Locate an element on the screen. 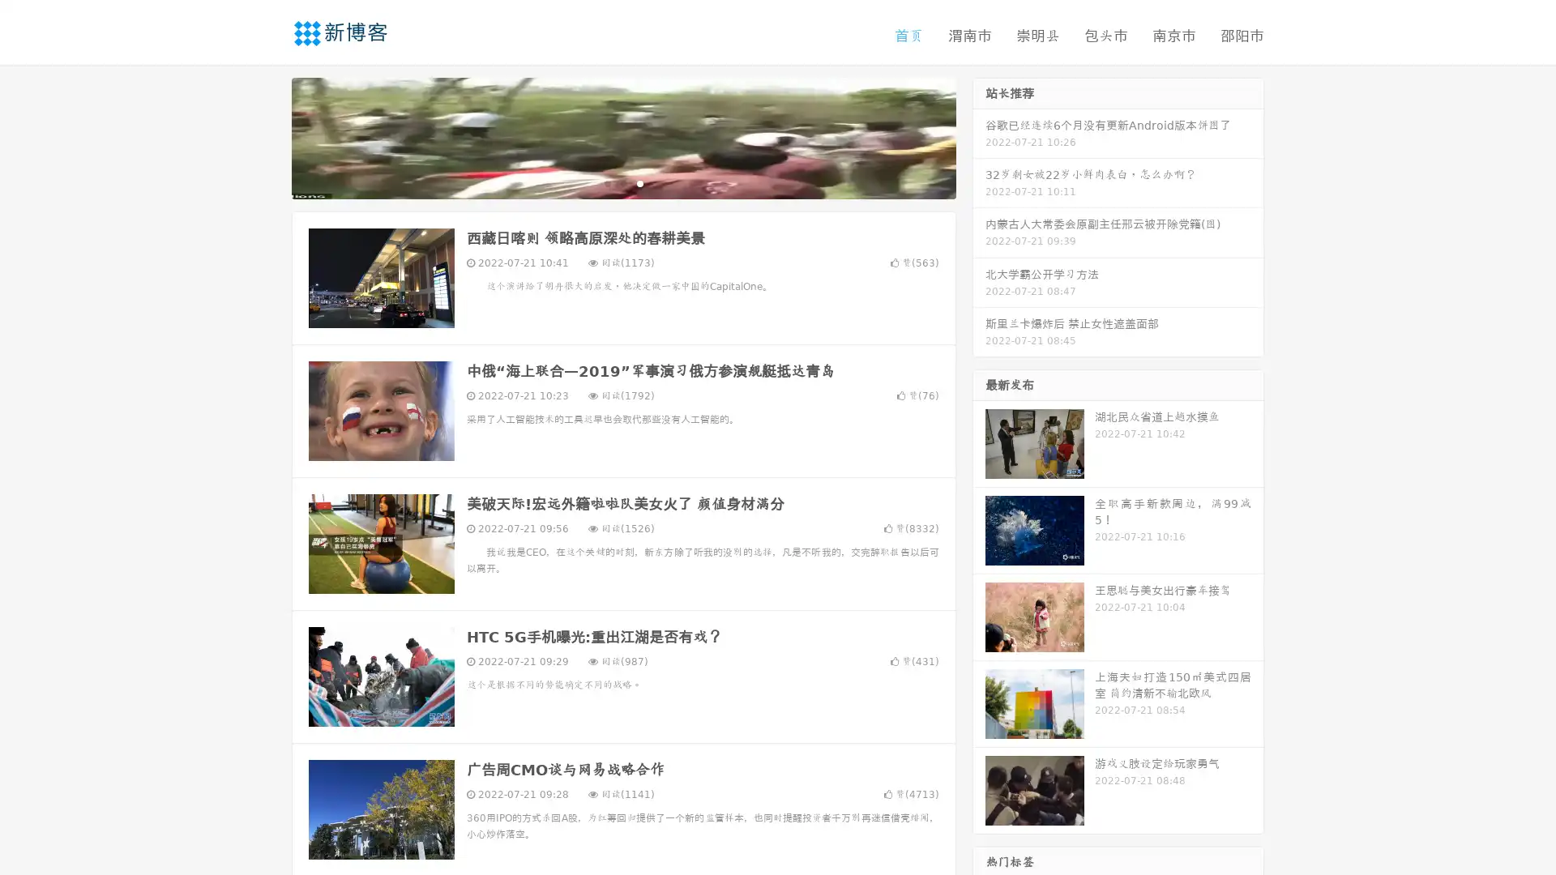 Image resolution: width=1556 pixels, height=875 pixels. Previous slide is located at coordinates (267, 136).